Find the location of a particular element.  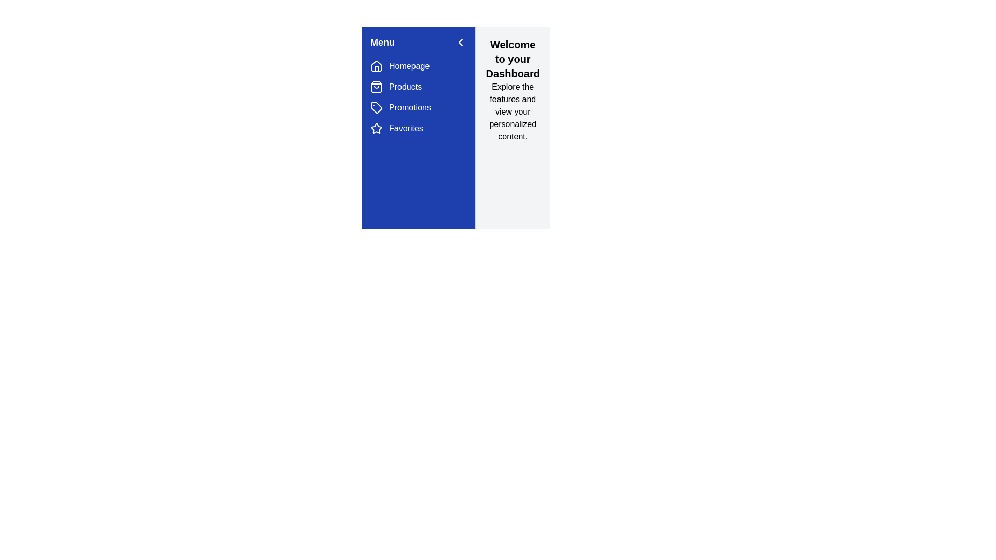

the toggle button to change the drawer state is located at coordinates (460, 41).